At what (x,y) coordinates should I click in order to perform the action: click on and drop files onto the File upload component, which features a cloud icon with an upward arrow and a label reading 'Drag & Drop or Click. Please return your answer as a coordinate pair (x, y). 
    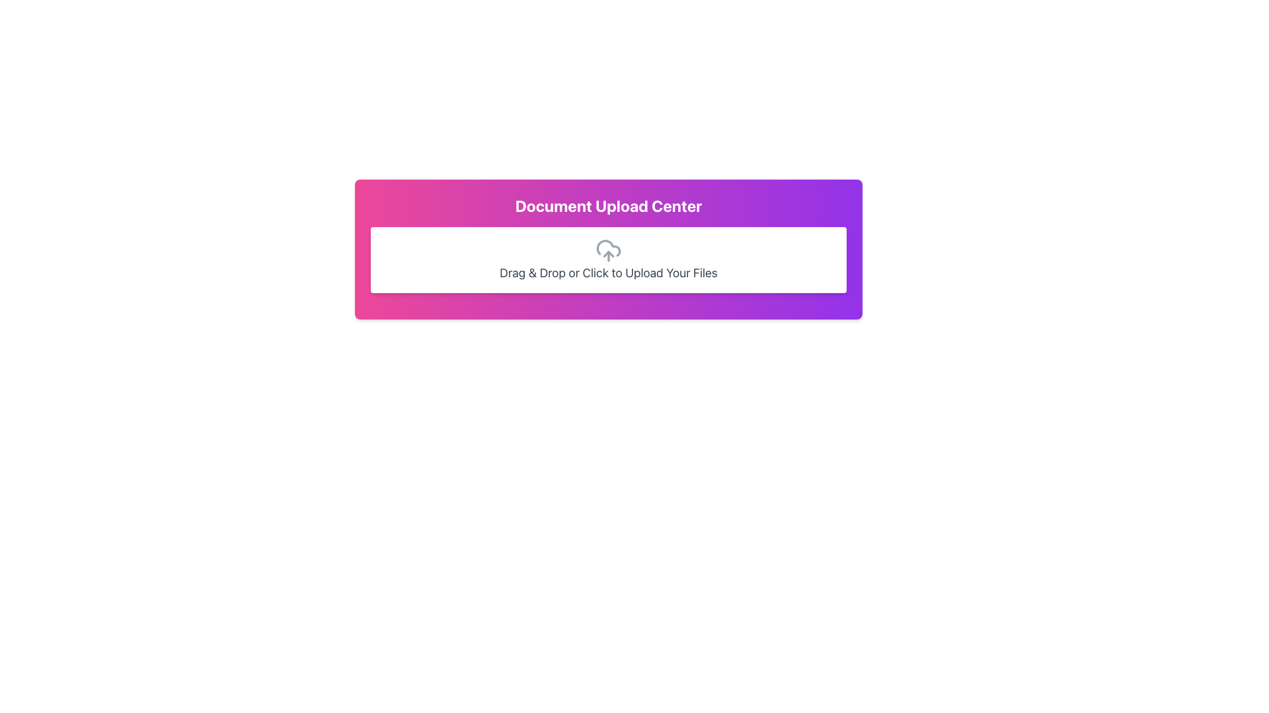
    Looking at the image, I should click on (608, 259).